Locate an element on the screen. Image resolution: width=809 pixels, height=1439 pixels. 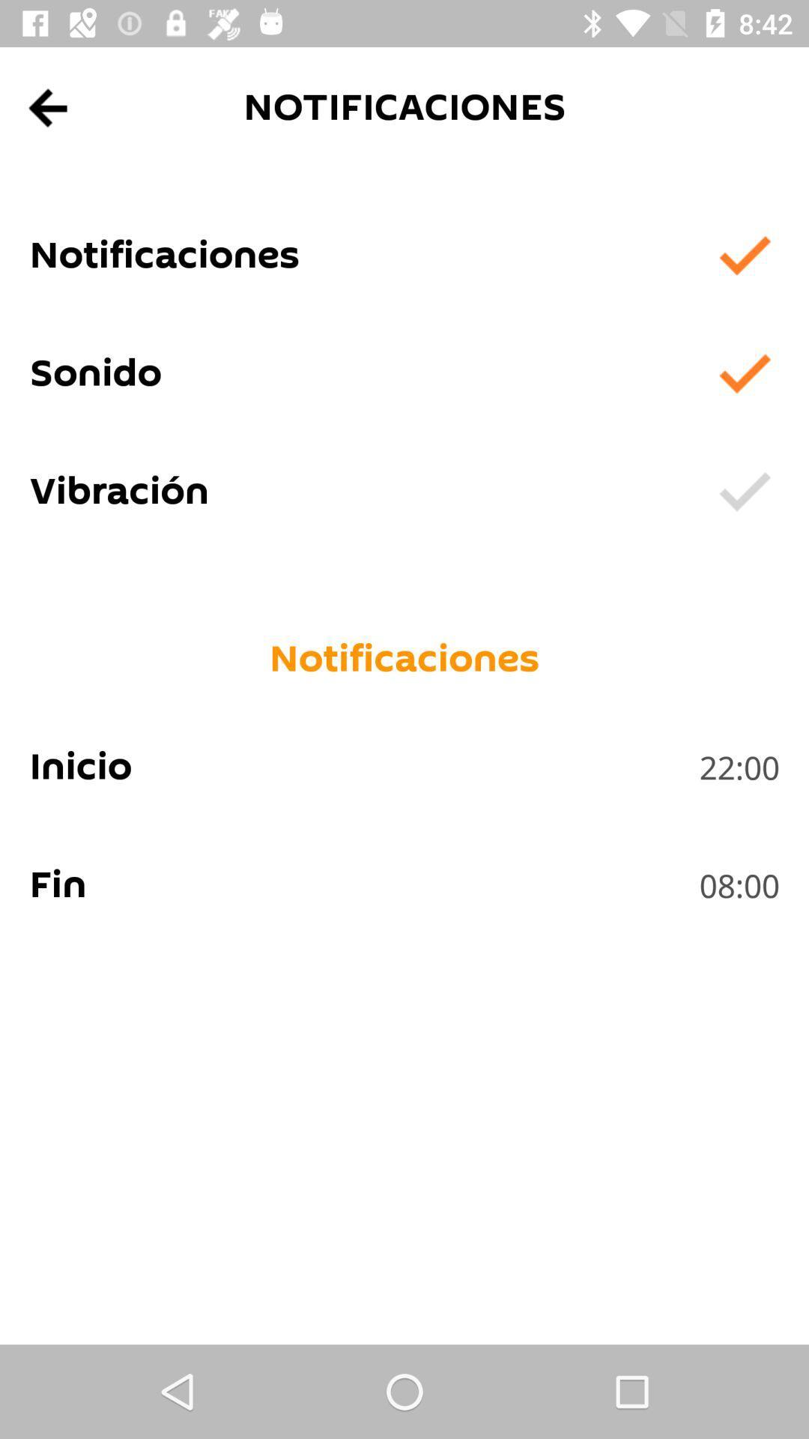
item at the top left corner is located at coordinates (48, 107).